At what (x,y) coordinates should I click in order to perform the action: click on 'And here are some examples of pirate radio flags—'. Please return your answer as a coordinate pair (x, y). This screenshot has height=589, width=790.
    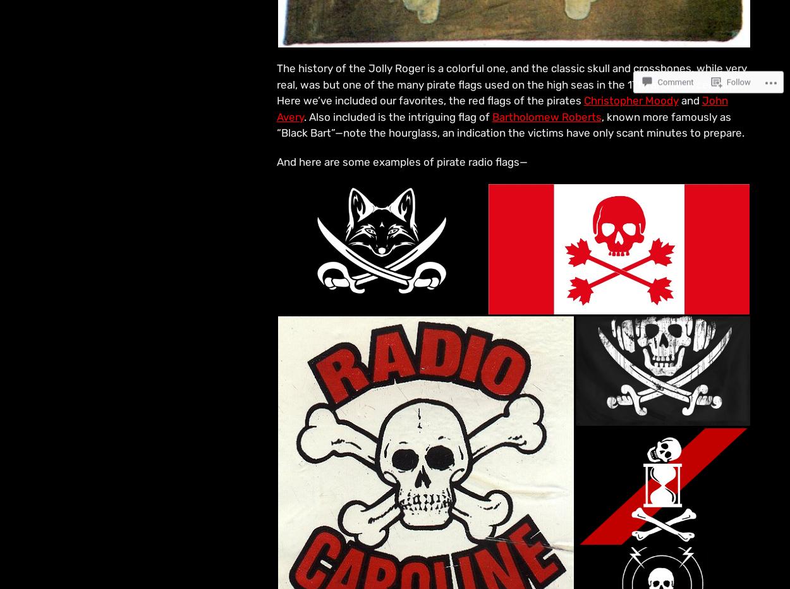
    Looking at the image, I should click on (401, 161).